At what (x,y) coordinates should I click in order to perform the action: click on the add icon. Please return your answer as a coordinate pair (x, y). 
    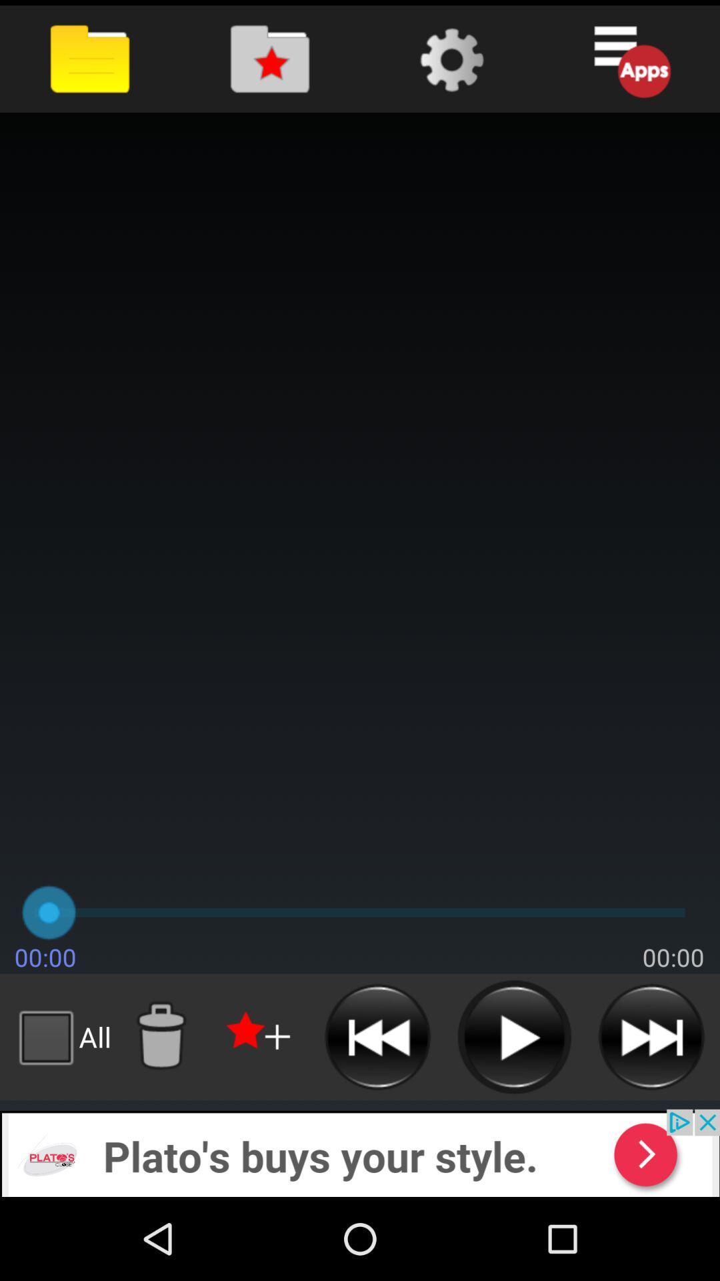
    Looking at the image, I should click on (259, 1110).